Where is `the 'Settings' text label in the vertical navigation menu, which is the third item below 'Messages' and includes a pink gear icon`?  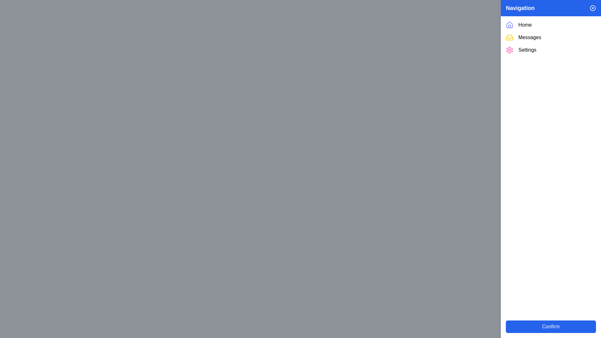 the 'Settings' text label in the vertical navigation menu, which is the third item below 'Messages' and includes a pink gear icon is located at coordinates (527, 49).